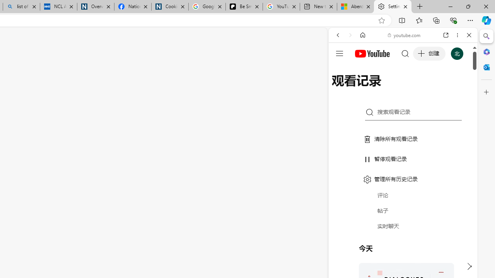  Describe the element at coordinates (450, 211) in the screenshot. I see `'Show More Music'` at that location.